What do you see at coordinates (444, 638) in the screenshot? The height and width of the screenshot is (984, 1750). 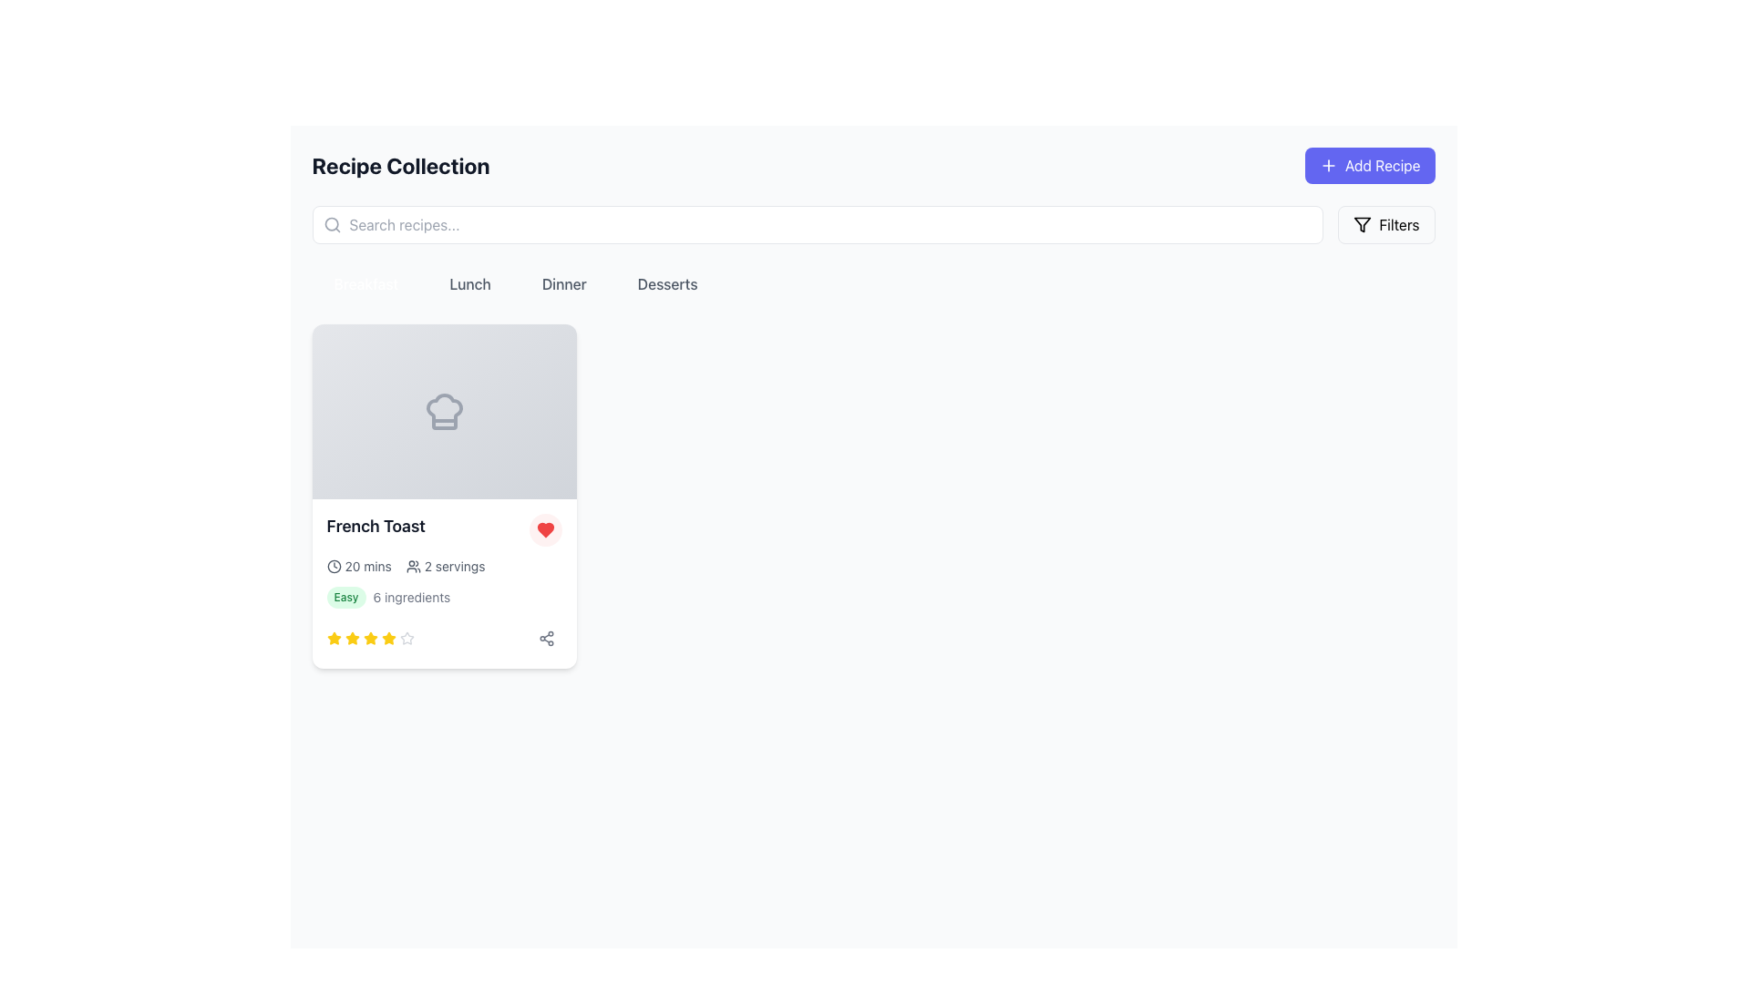 I see `current rating status visually by observing the stars in the Rating component for the 'French Toast' recipe, located in the bottom right of the card` at bounding box center [444, 638].